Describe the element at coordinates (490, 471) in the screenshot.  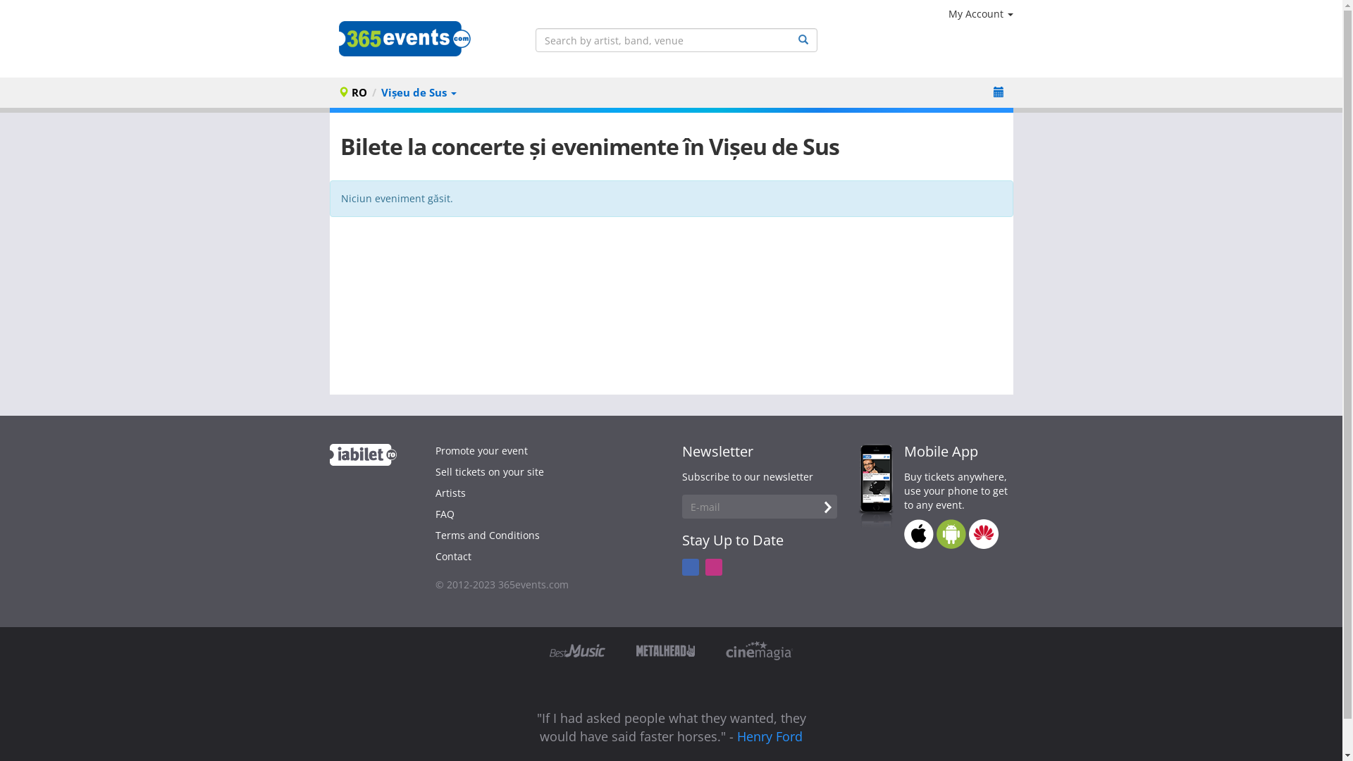
I see `'Sell tickets on your site'` at that location.